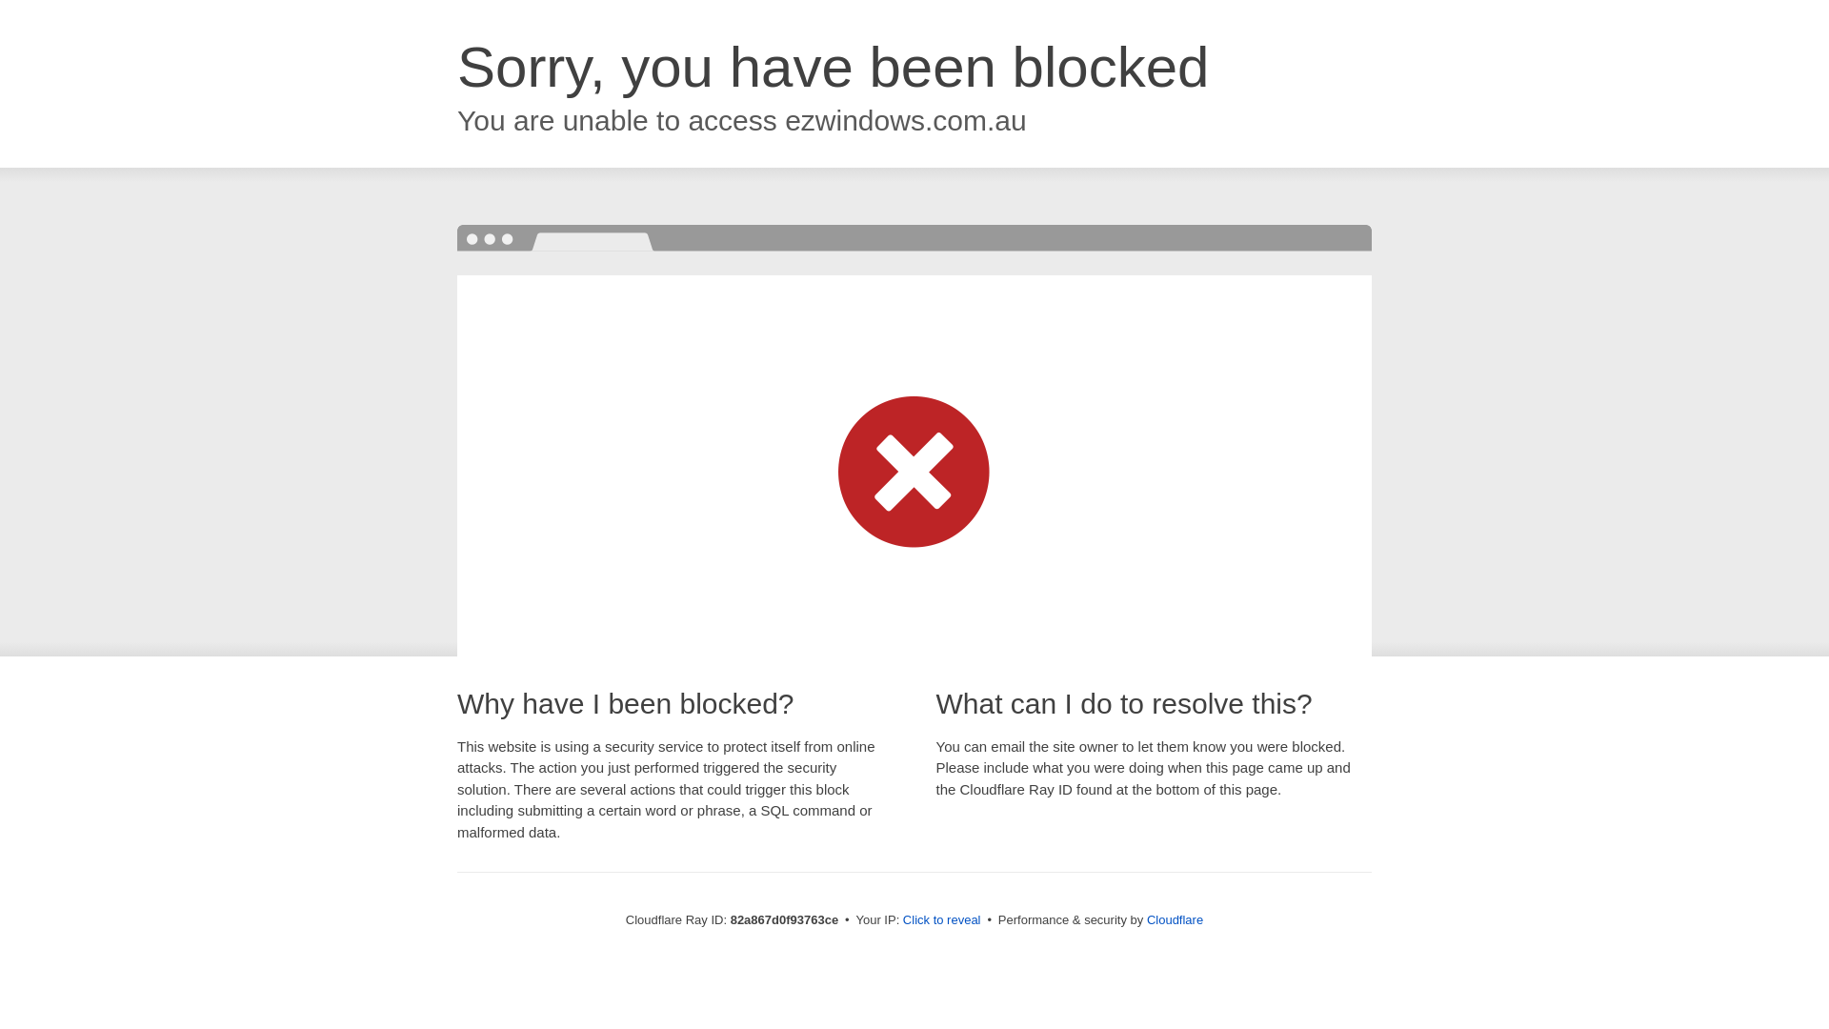 This screenshot has width=1829, height=1029. What do you see at coordinates (902, 918) in the screenshot?
I see `'Click to reveal'` at bounding box center [902, 918].